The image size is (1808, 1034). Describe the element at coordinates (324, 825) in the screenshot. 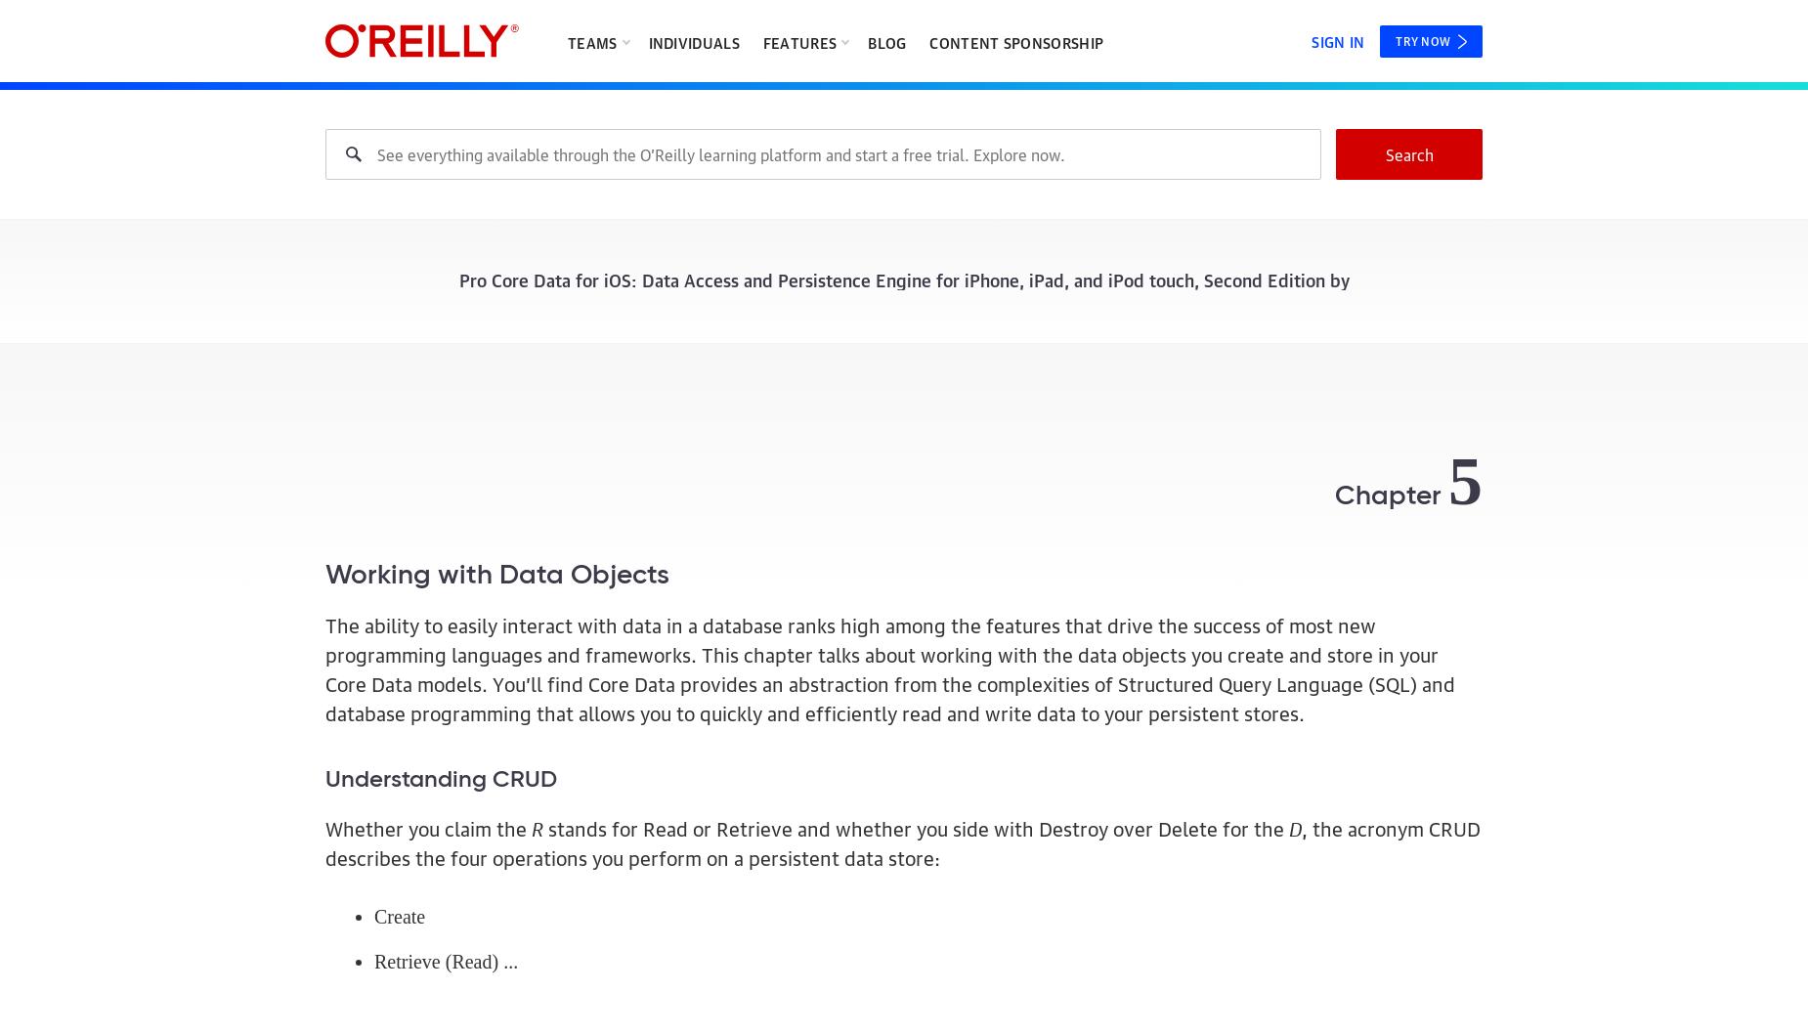

I see `'Whether you claim the'` at that location.